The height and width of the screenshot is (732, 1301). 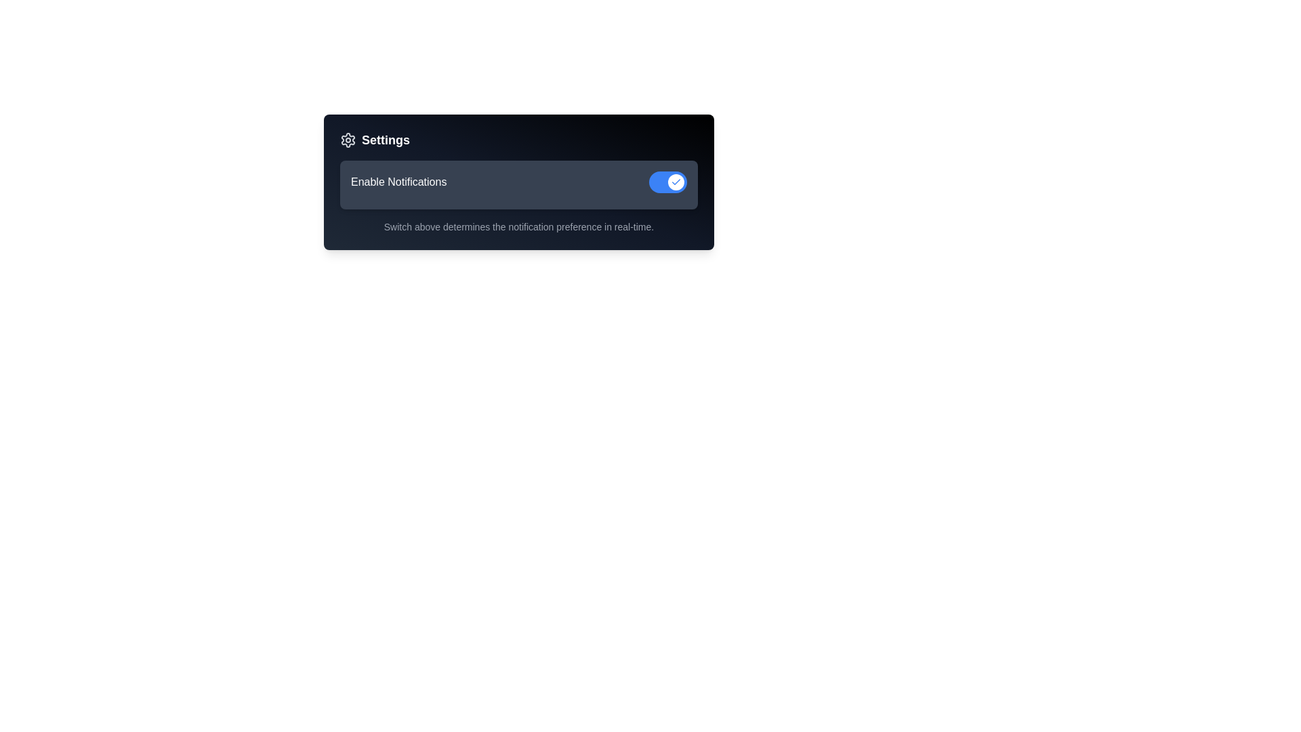 I want to click on the settings icon located in the top-left corner of the panel header labeled 'Settings', so click(x=348, y=140).